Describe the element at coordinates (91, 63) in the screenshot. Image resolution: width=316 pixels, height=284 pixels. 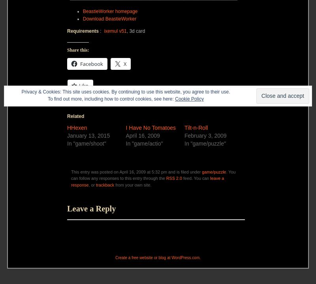
I see `'Facebook'` at that location.